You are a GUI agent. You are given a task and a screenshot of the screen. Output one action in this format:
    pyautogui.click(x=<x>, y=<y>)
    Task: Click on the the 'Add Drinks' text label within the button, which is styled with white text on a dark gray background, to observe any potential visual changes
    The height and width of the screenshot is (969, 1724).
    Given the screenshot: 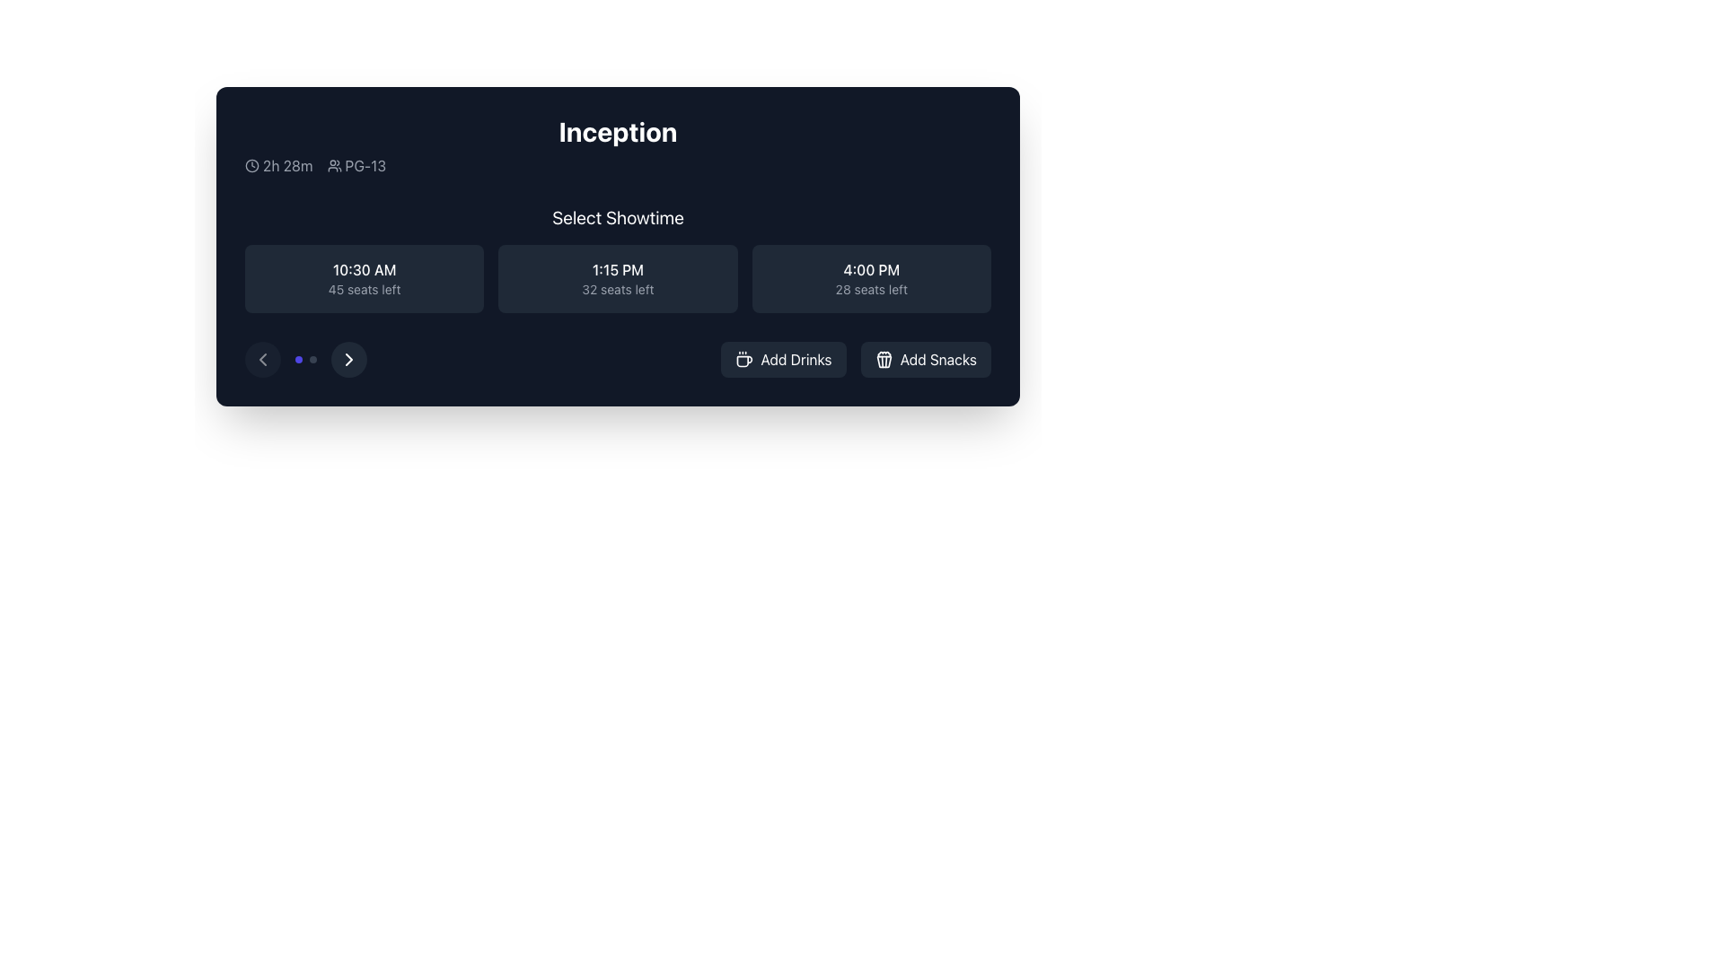 What is the action you would take?
    pyautogui.click(x=796, y=360)
    